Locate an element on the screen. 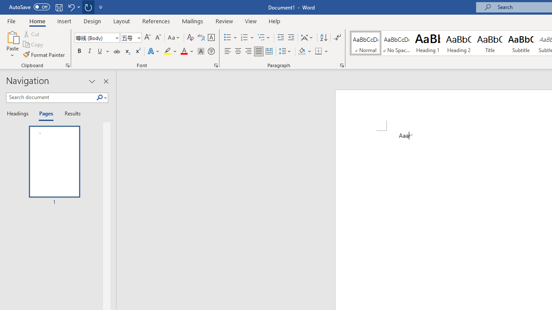 This screenshot has height=310, width=552. 'Class: NetUIImage' is located at coordinates (100, 97).